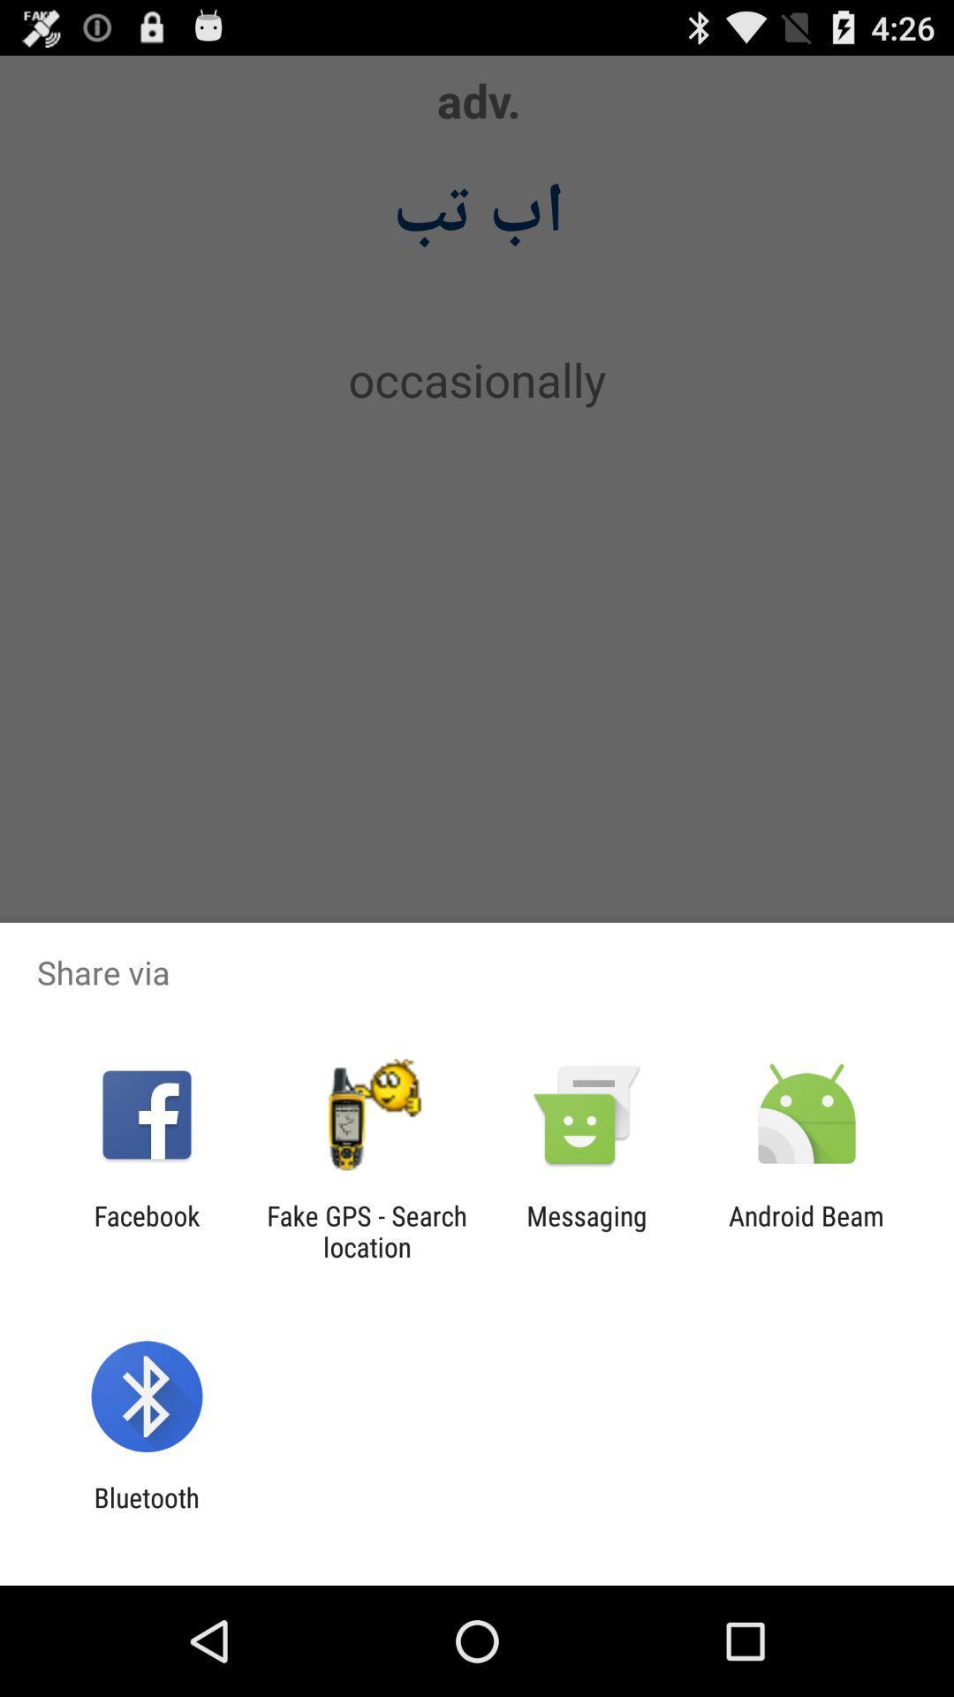  I want to click on the item next to messaging item, so click(806, 1230).